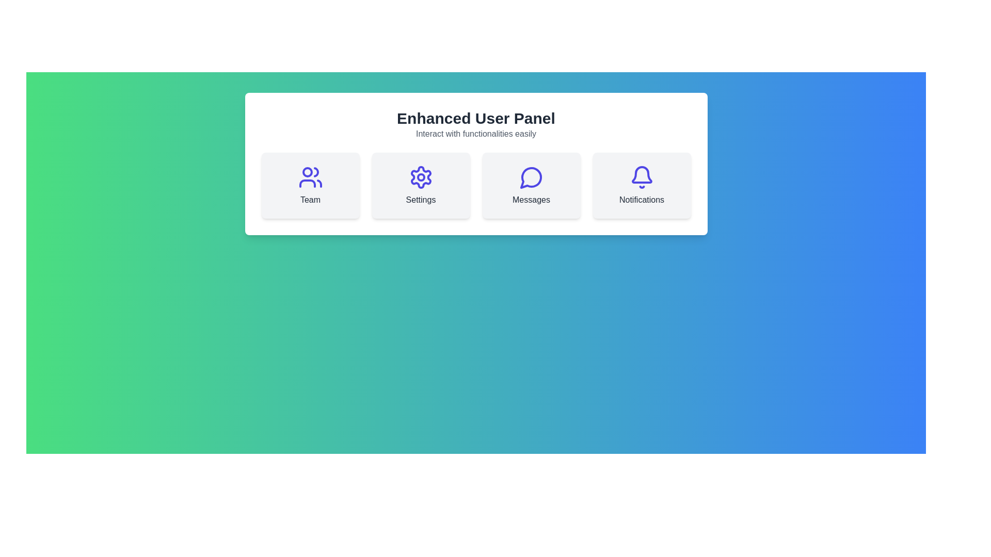  Describe the element at coordinates (641, 178) in the screenshot. I see `the tooltip with the message 'View alerts and notifications', which appears beneath the main bell icon in the 'Notifications' section` at that location.